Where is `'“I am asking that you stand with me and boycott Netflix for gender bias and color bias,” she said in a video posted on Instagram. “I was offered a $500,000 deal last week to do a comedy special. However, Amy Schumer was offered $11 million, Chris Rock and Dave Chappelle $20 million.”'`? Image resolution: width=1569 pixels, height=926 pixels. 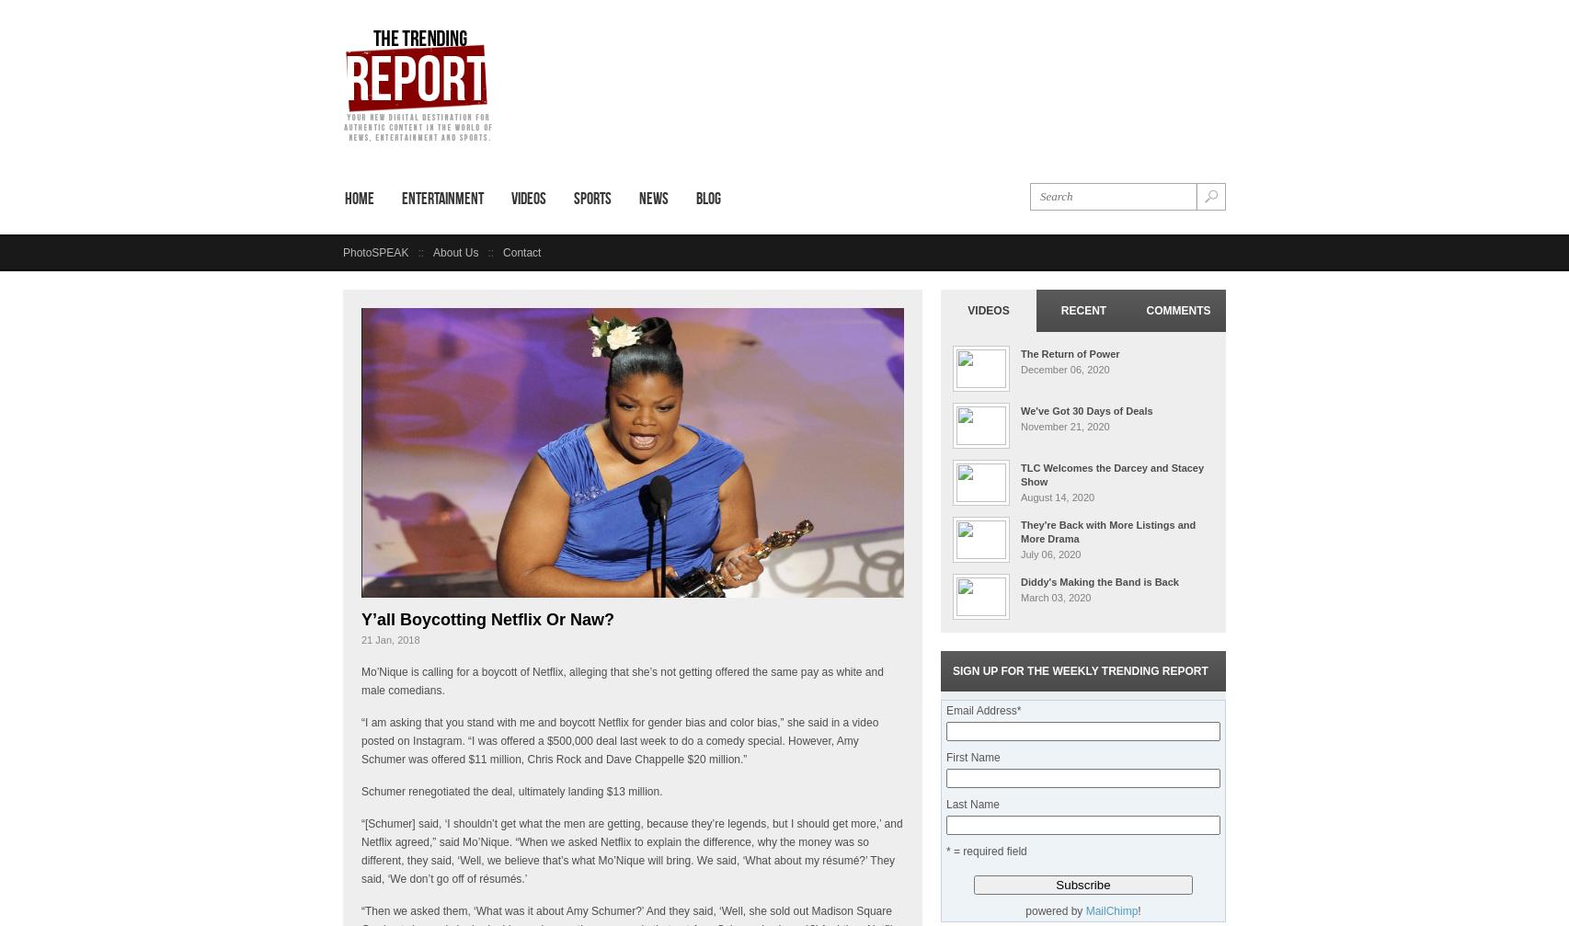
'“I am asking that you stand with me and boycott Netflix for gender bias and color bias,” she said in a video posted on Instagram. “I was offered a $500,000 deal last week to do a comedy special. However, Amy Schumer was offered $11 million, Chris Rock and Dave Chappelle $20 million.”' is located at coordinates (619, 740).